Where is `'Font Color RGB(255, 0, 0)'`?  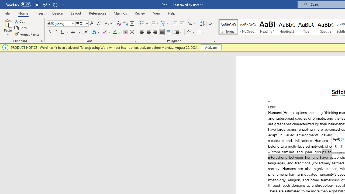
'Font Color RGB(255, 0, 0)' is located at coordinates (115, 32).